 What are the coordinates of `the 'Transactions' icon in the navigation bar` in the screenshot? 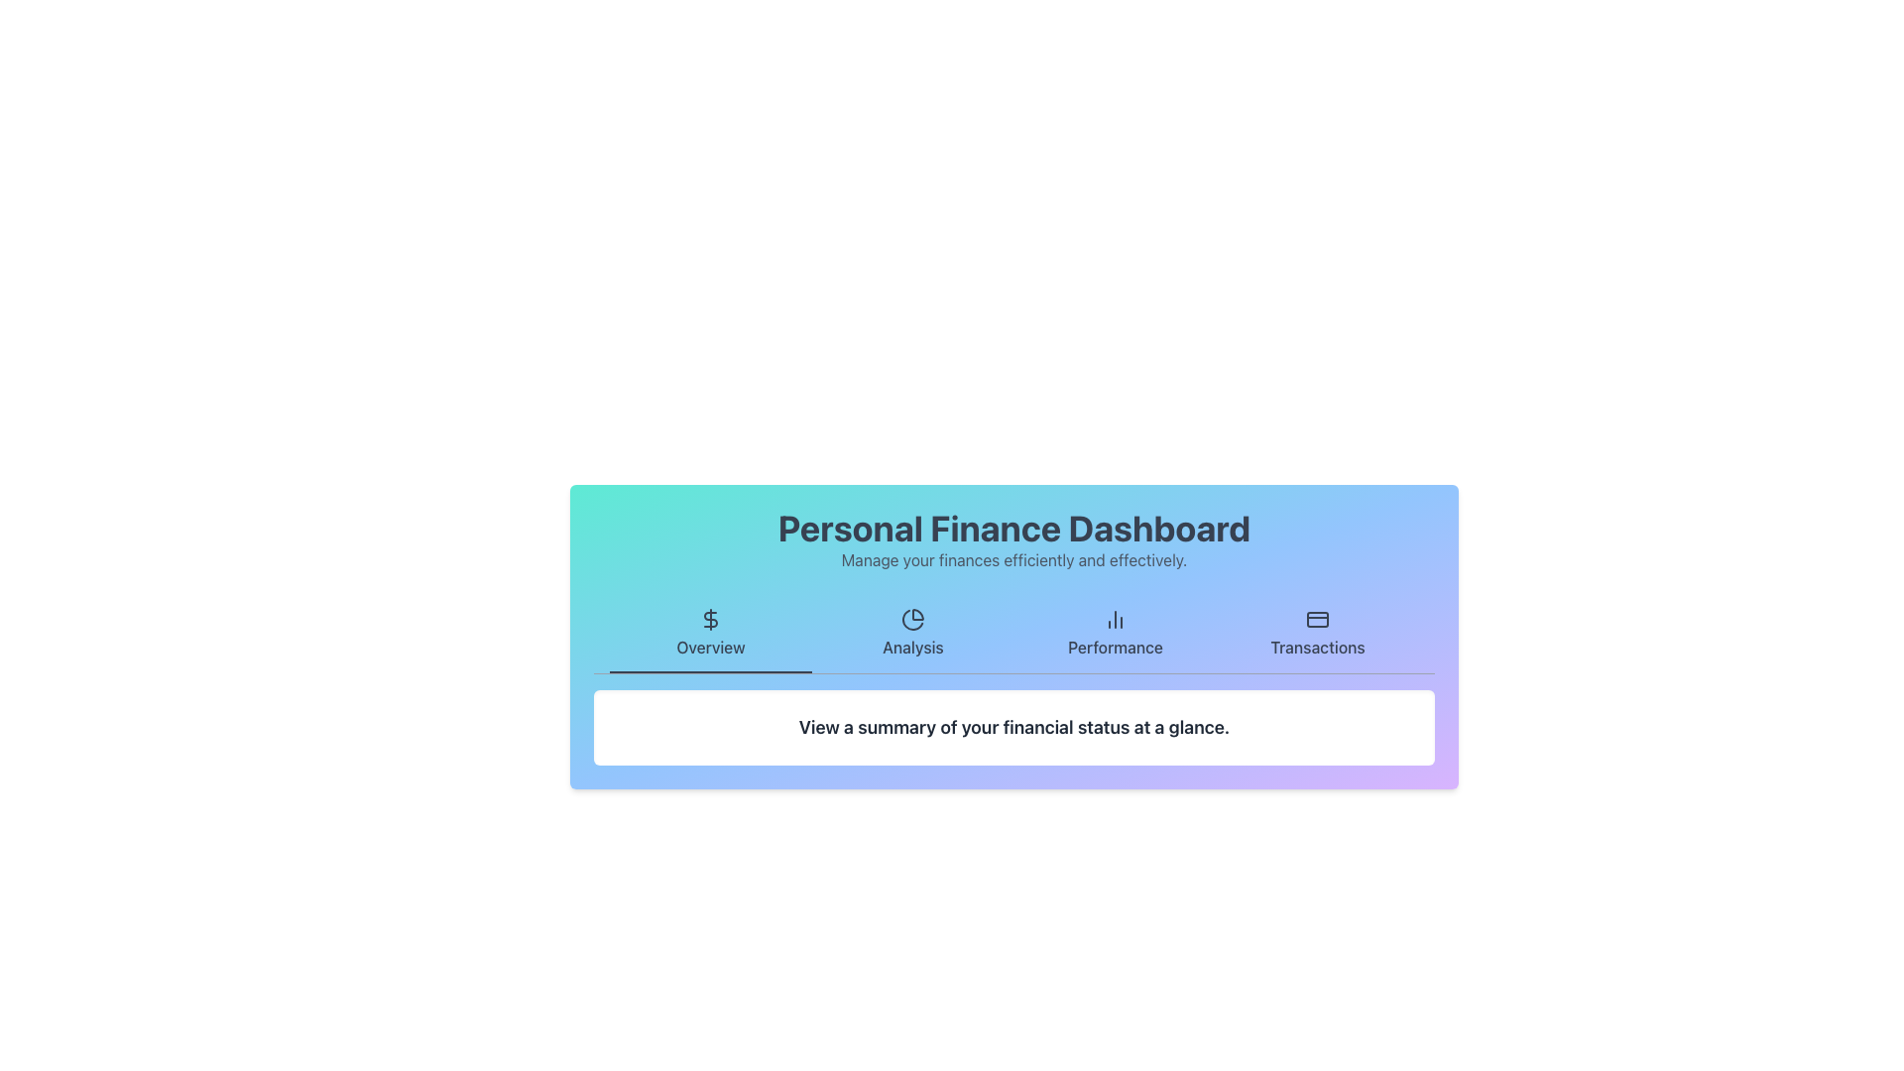 It's located at (1318, 618).